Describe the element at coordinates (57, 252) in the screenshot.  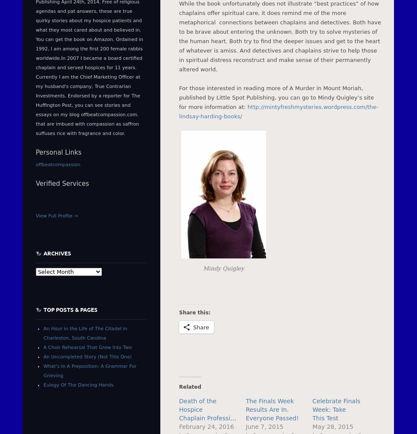
I see `'Archives'` at that location.